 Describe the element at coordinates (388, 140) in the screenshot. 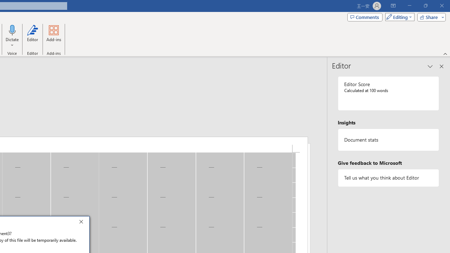

I see `'Document statistics'` at that location.